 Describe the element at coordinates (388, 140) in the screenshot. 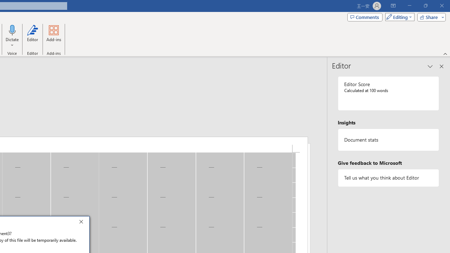

I see `'Document statistics'` at that location.